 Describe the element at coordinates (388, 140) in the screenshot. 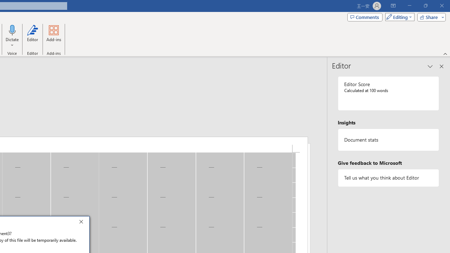

I see `'Document statistics'` at that location.